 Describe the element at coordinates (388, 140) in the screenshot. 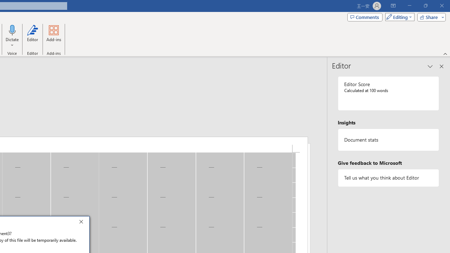

I see `'Document statistics'` at that location.